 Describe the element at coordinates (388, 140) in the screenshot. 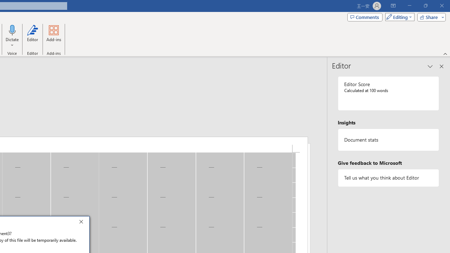

I see `'Document statistics'` at that location.